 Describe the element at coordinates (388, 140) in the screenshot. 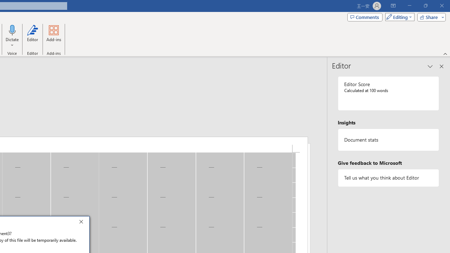

I see `'Document statistics'` at that location.